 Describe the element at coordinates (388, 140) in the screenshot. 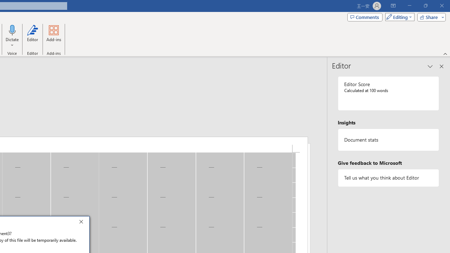

I see `'Document statistics'` at that location.